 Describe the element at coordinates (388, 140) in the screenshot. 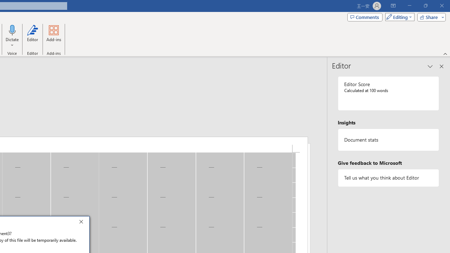

I see `'Document statistics'` at that location.